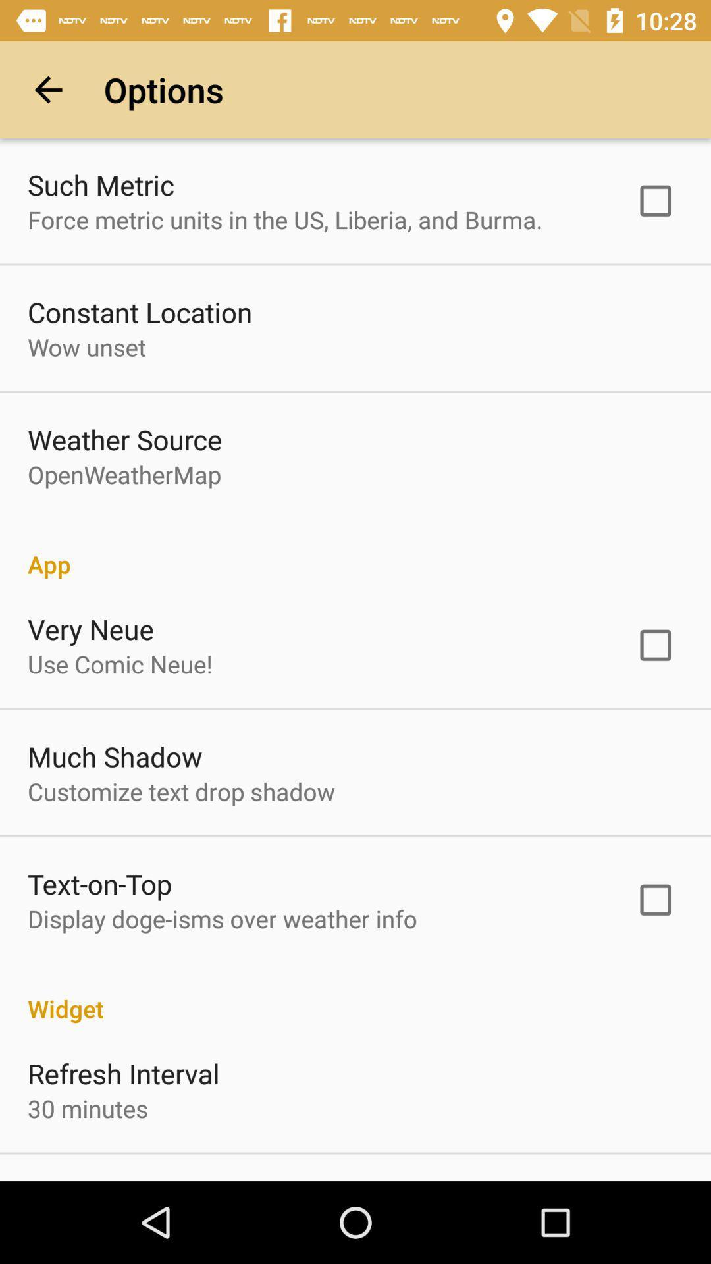 The width and height of the screenshot is (711, 1264). Describe the element at coordinates (99, 883) in the screenshot. I see `app below the customize text drop` at that location.